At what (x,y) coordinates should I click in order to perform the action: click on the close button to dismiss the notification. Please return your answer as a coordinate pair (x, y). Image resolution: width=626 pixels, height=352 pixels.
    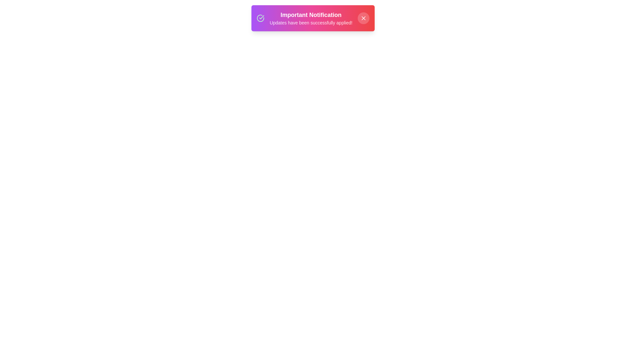
    Looking at the image, I should click on (363, 18).